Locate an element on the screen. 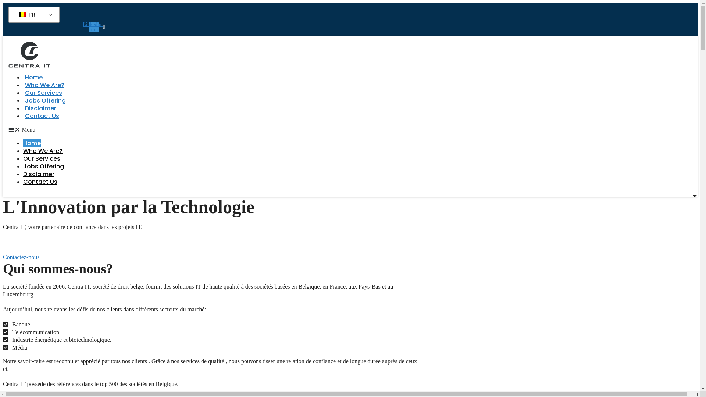 Image resolution: width=706 pixels, height=397 pixels. 'Home' is located at coordinates (31, 143).